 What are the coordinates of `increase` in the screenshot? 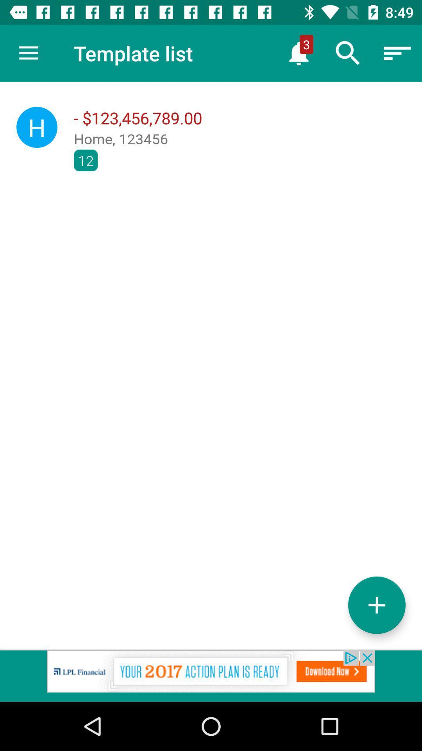 It's located at (376, 605).